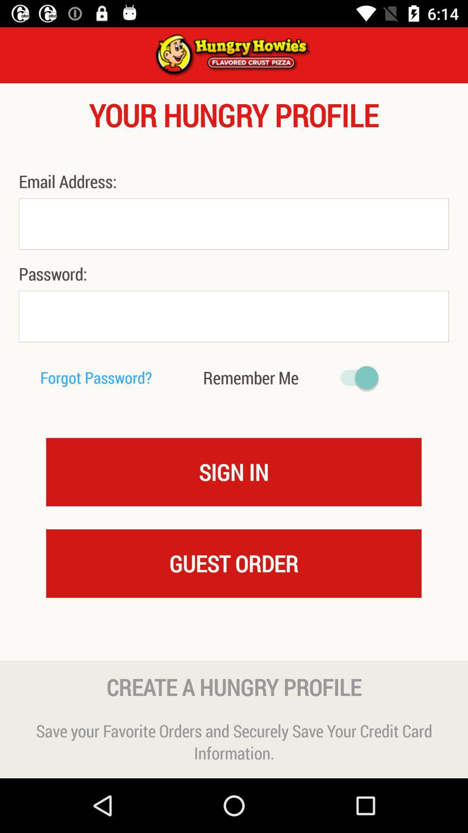 The width and height of the screenshot is (468, 833). Describe the element at coordinates (233, 563) in the screenshot. I see `the guest order icon` at that location.